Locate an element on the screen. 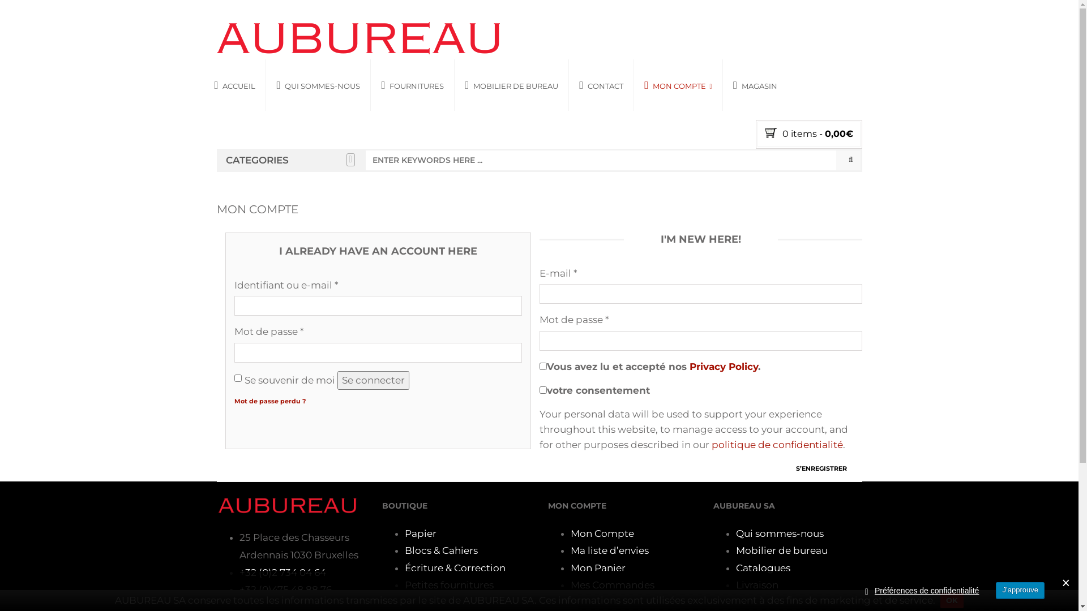  'AUBUREAU' is located at coordinates (357, 36).